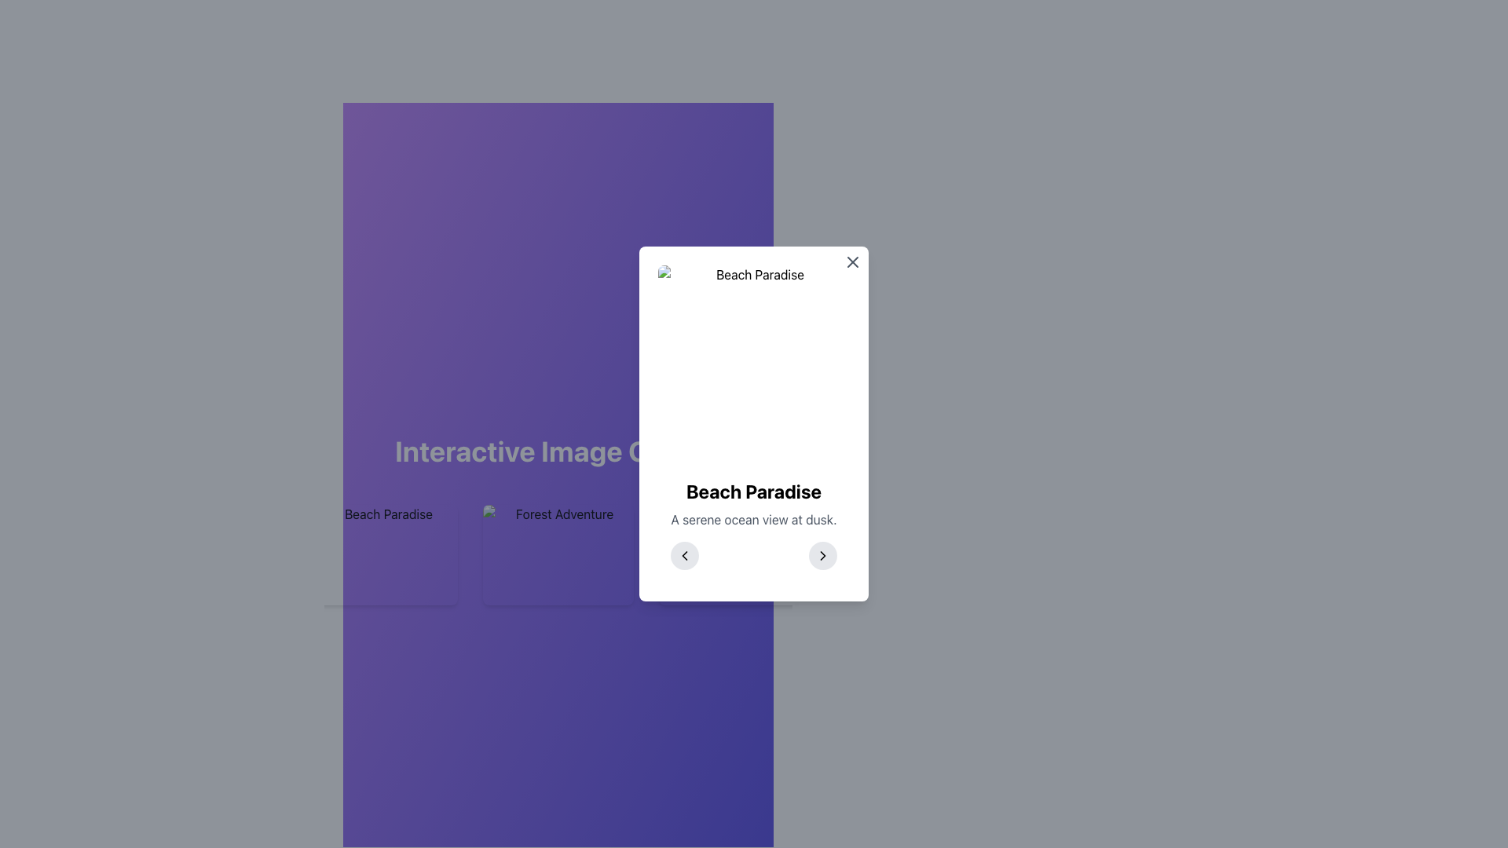 The height and width of the screenshot is (848, 1508). What do you see at coordinates (822, 555) in the screenshot?
I see `the circular button with a gray background and right arrow icon` at bounding box center [822, 555].